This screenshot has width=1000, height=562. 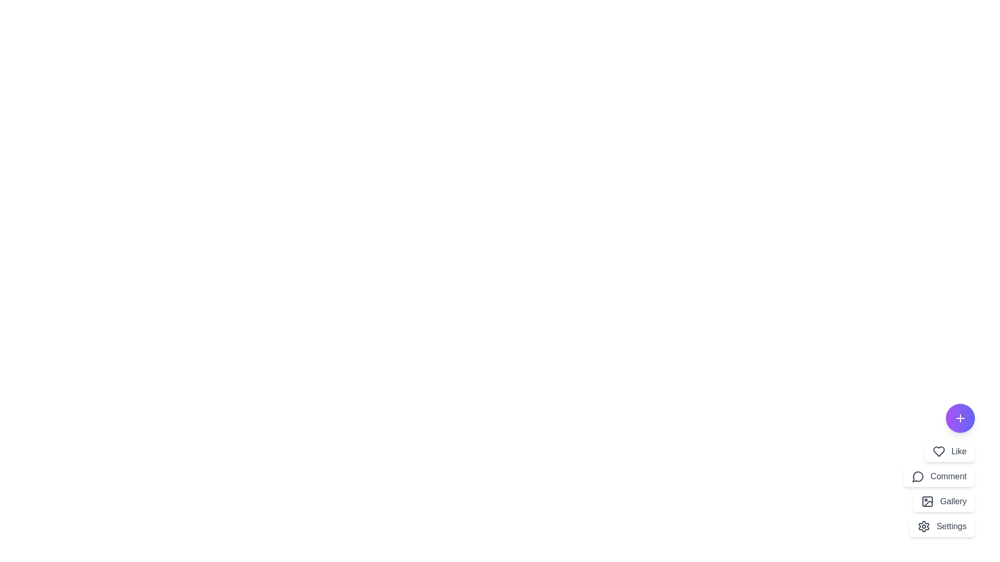 I want to click on the menu option Settings to activate it, so click(x=942, y=526).